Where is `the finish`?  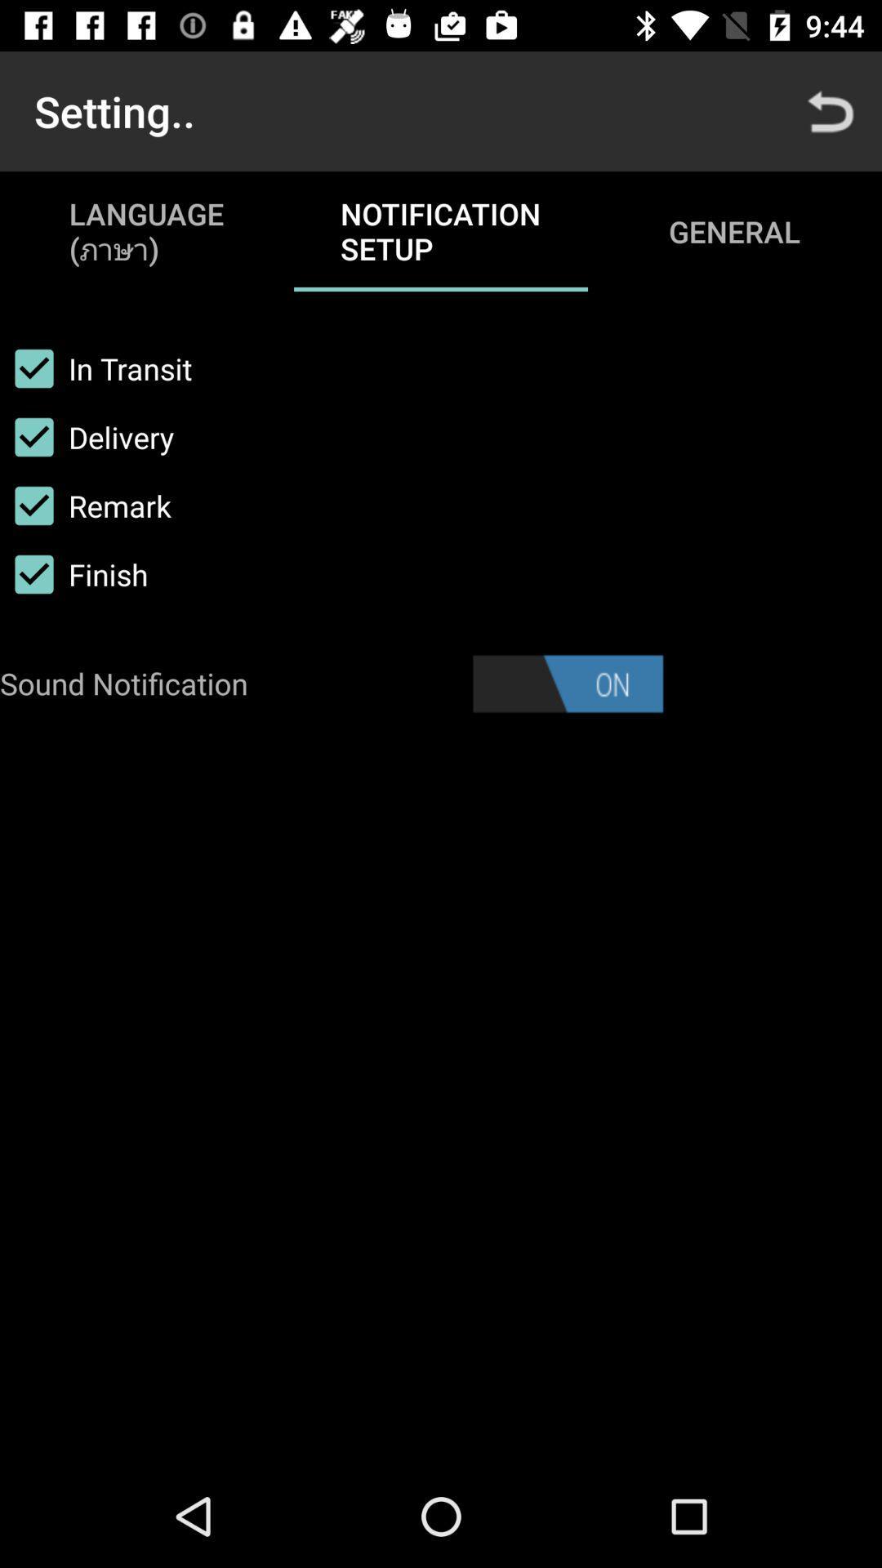
the finish is located at coordinates (73, 574).